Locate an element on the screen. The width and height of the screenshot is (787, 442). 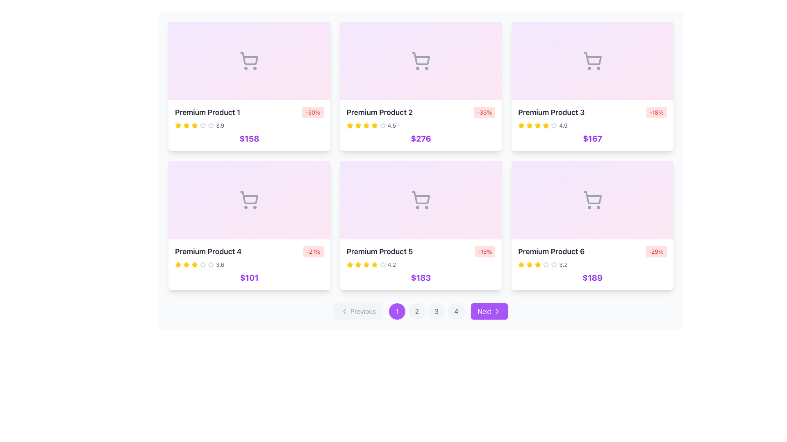
the fourth star icon in the rating system for the 'Premium Product 5' is located at coordinates (366, 264).